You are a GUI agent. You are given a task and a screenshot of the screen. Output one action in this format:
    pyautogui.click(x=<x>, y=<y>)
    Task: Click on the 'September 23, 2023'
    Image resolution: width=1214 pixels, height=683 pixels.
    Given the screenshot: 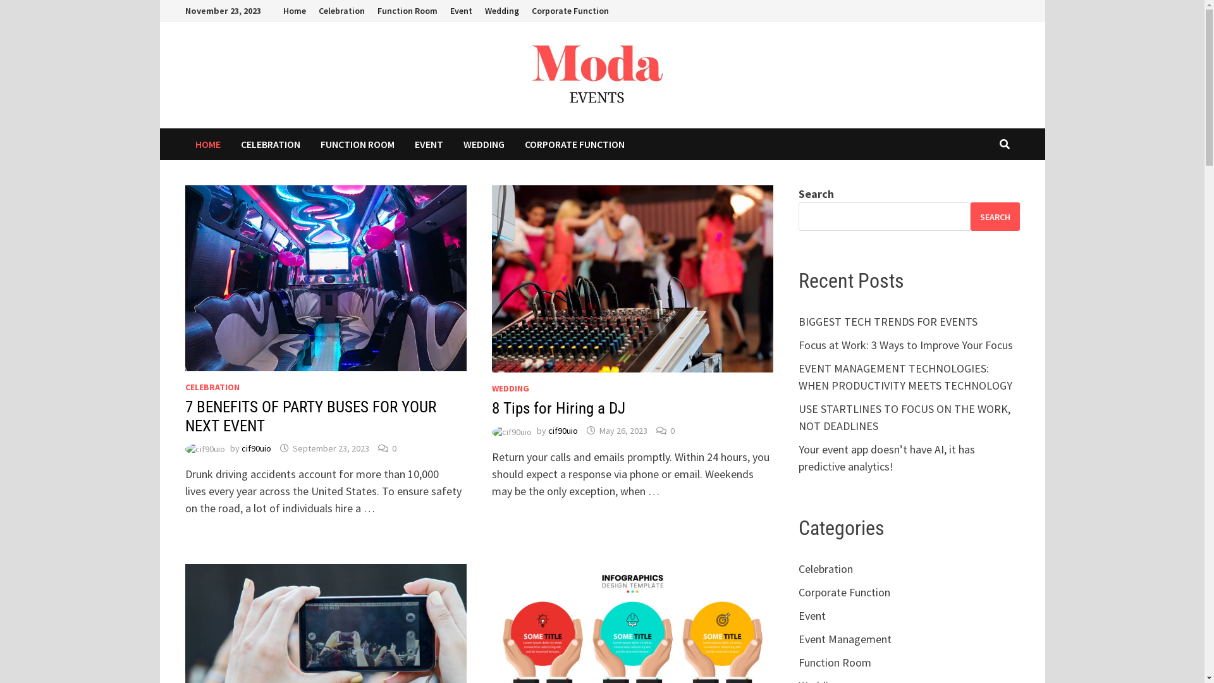 What is the action you would take?
    pyautogui.click(x=291, y=448)
    